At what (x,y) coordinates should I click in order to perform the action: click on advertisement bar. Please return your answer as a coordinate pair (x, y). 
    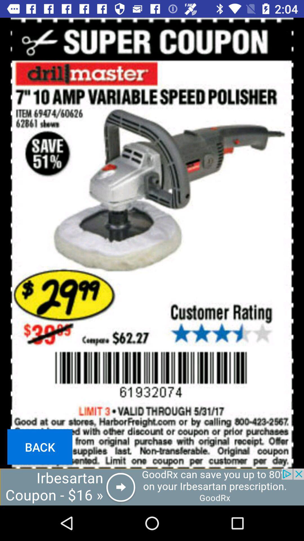
    Looking at the image, I should click on (152, 487).